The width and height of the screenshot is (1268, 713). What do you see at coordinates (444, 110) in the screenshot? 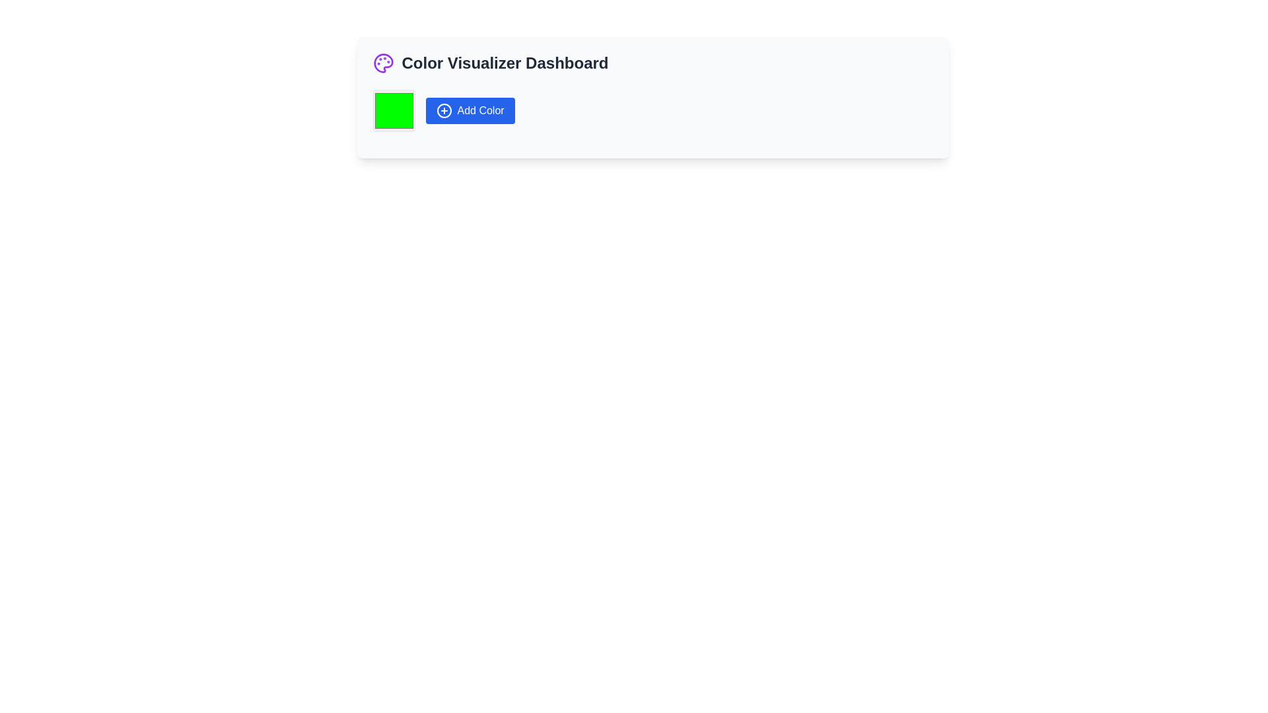
I see `the blue outlined circle icon with a plus symbol inside it, located on the left side of the 'Add Color' button` at bounding box center [444, 110].